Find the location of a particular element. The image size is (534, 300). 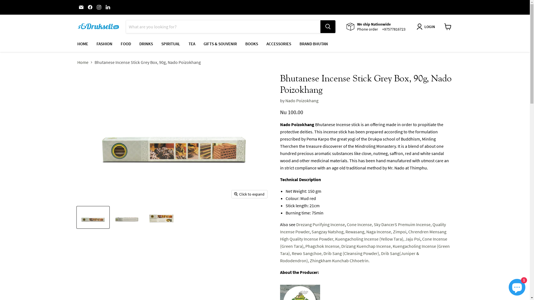

'DRINKS' is located at coordinates (146, 44).